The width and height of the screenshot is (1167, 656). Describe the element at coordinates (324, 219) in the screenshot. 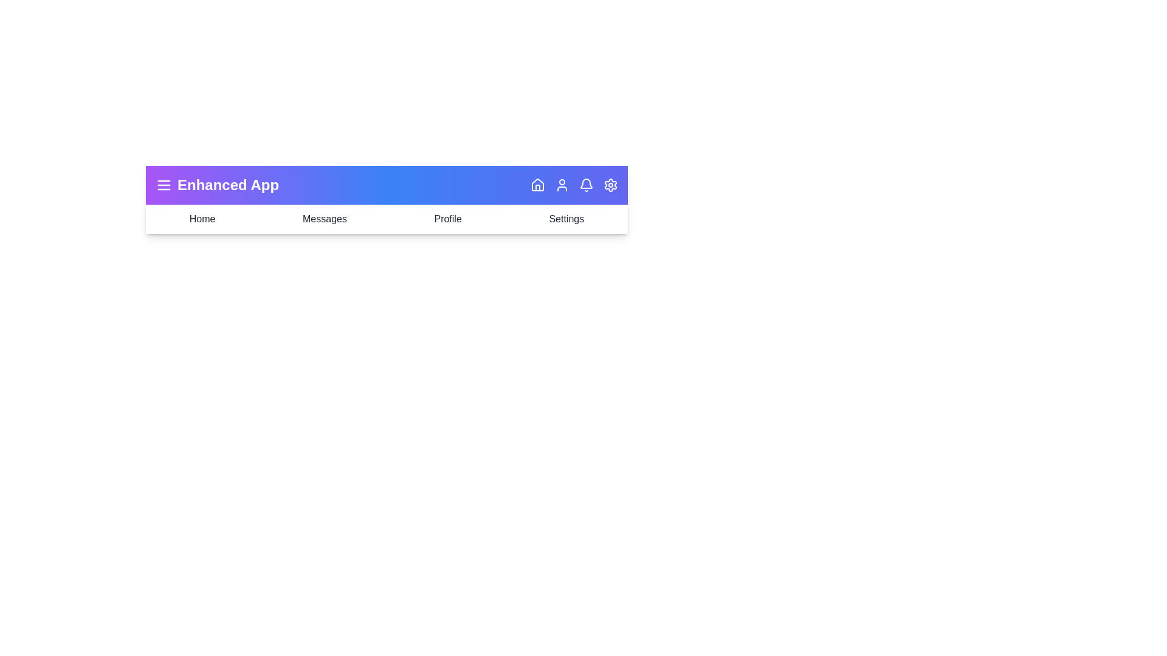

I see `the navigation item Messages to see its hover effect` at that location.